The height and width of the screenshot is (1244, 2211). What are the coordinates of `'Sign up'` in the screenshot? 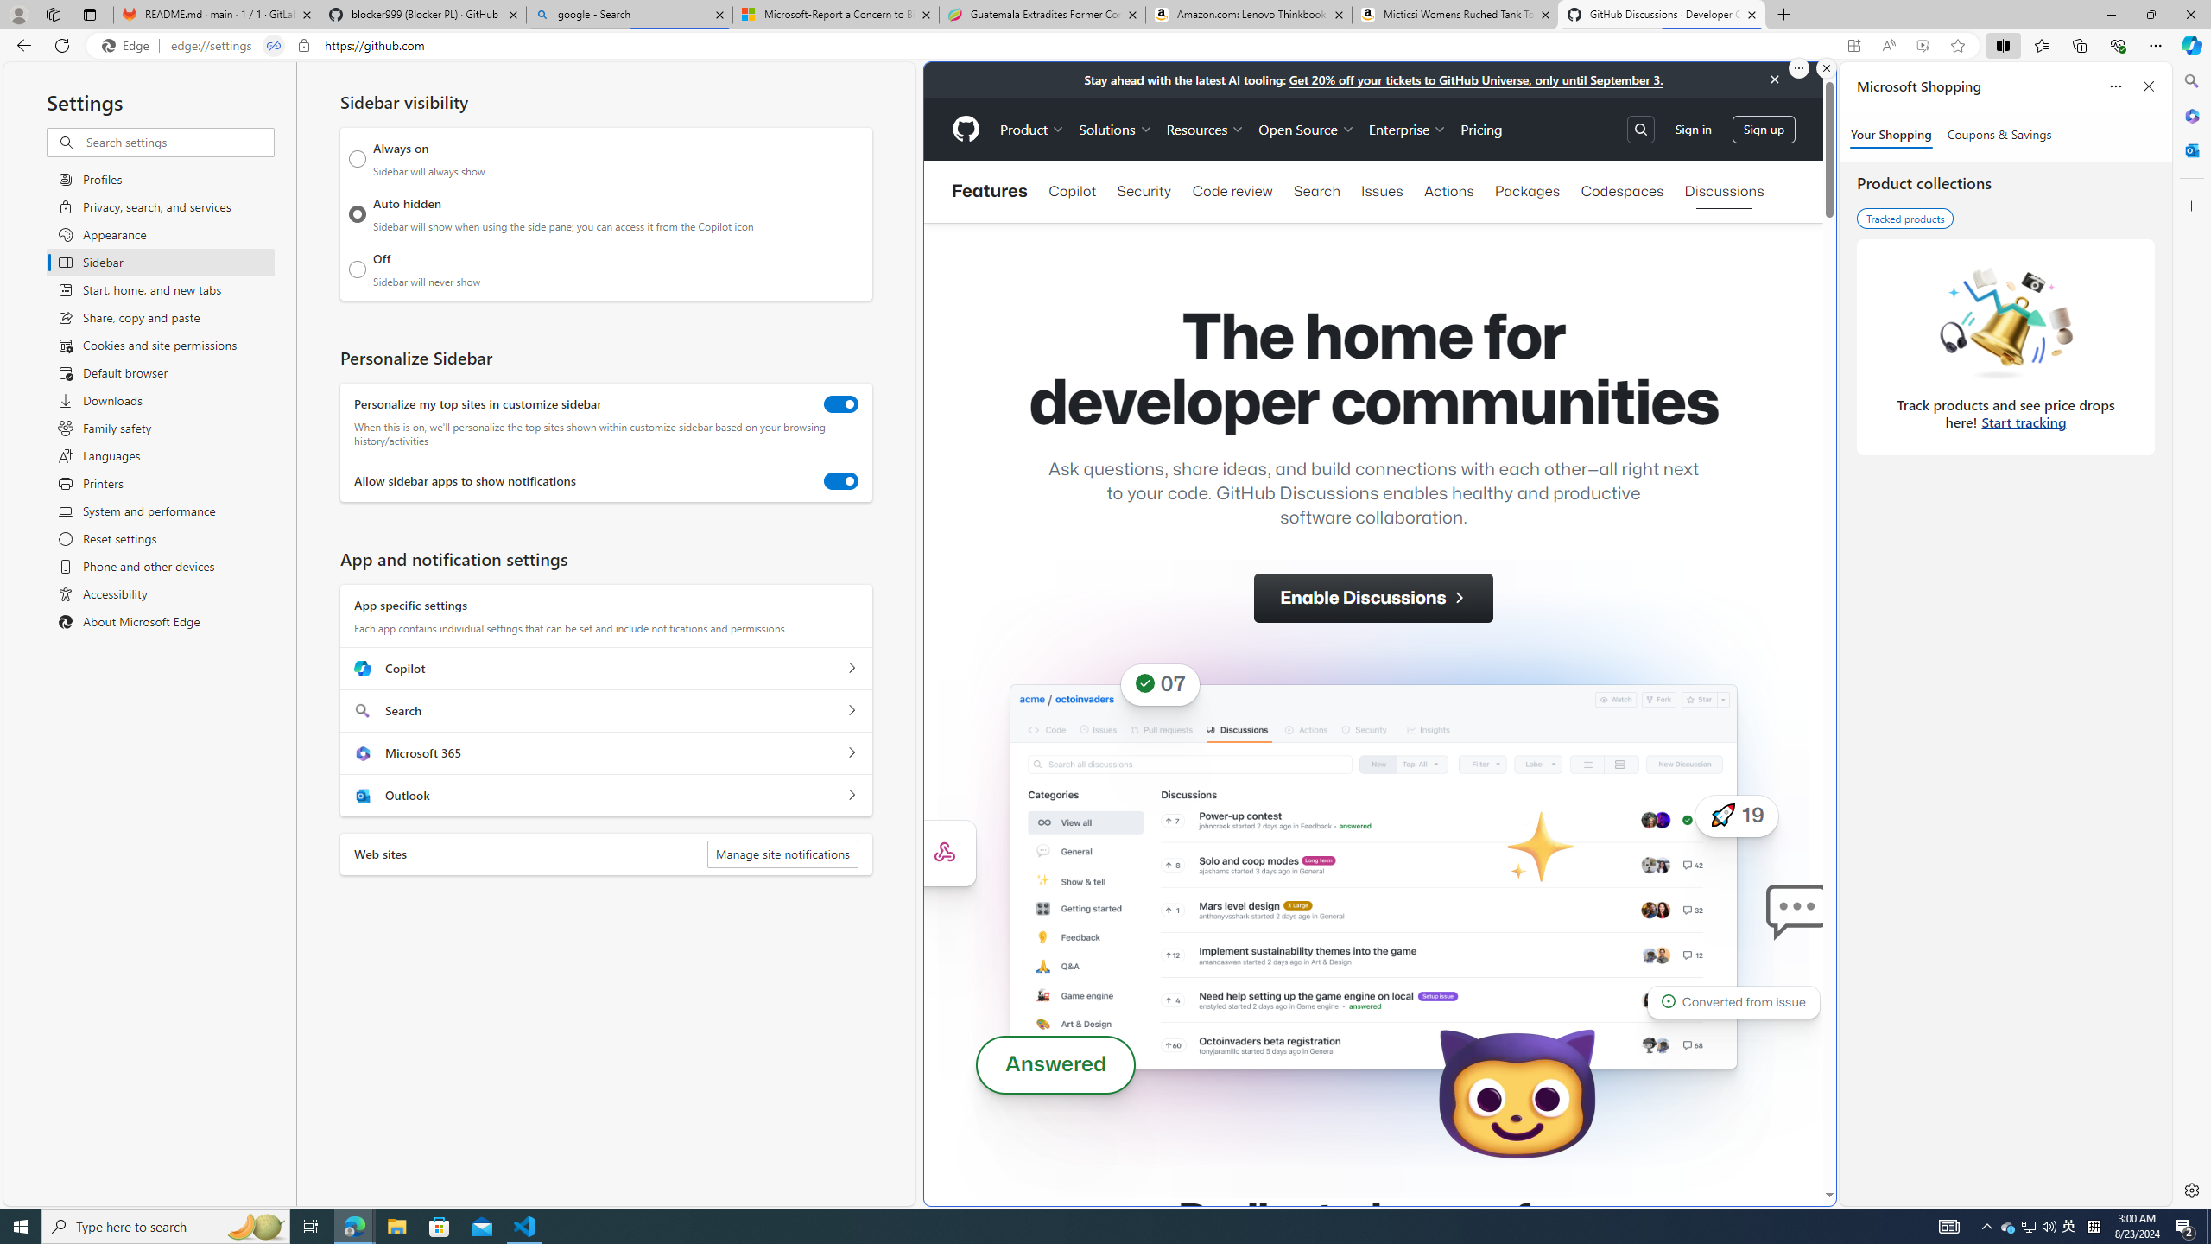 It's located at (1764, 129).